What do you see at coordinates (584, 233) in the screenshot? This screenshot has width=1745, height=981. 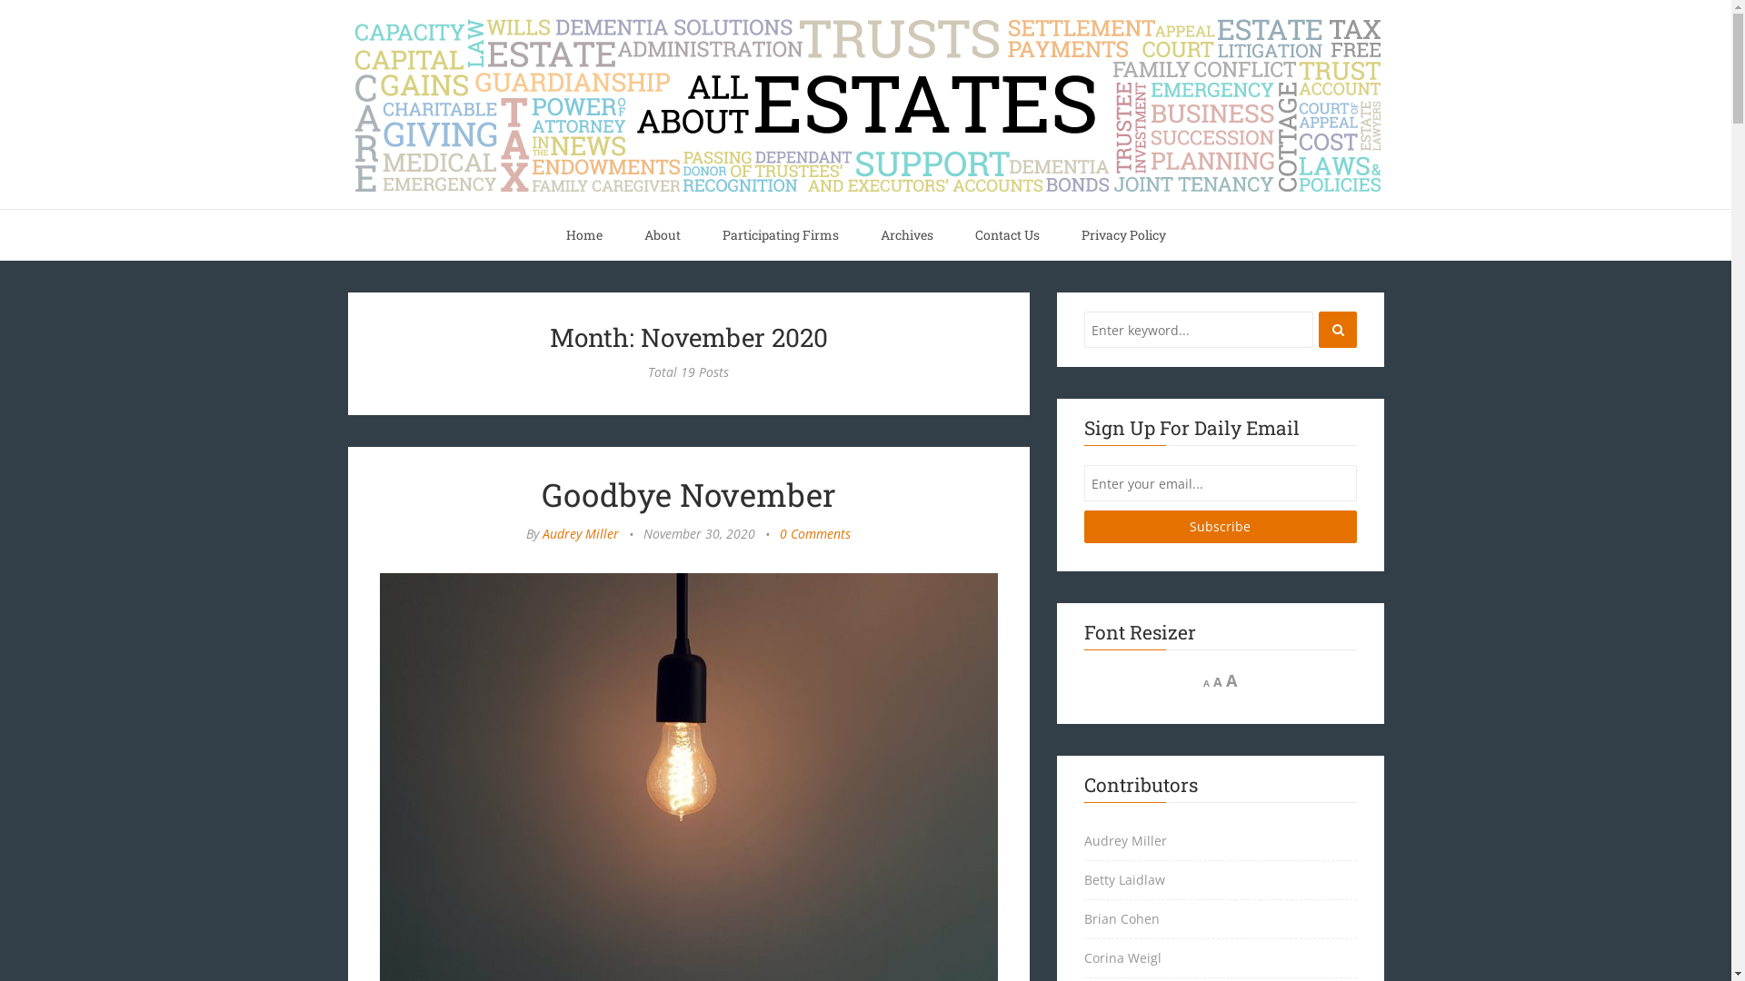 I see `'Home'` at bounding box center [584, 233].